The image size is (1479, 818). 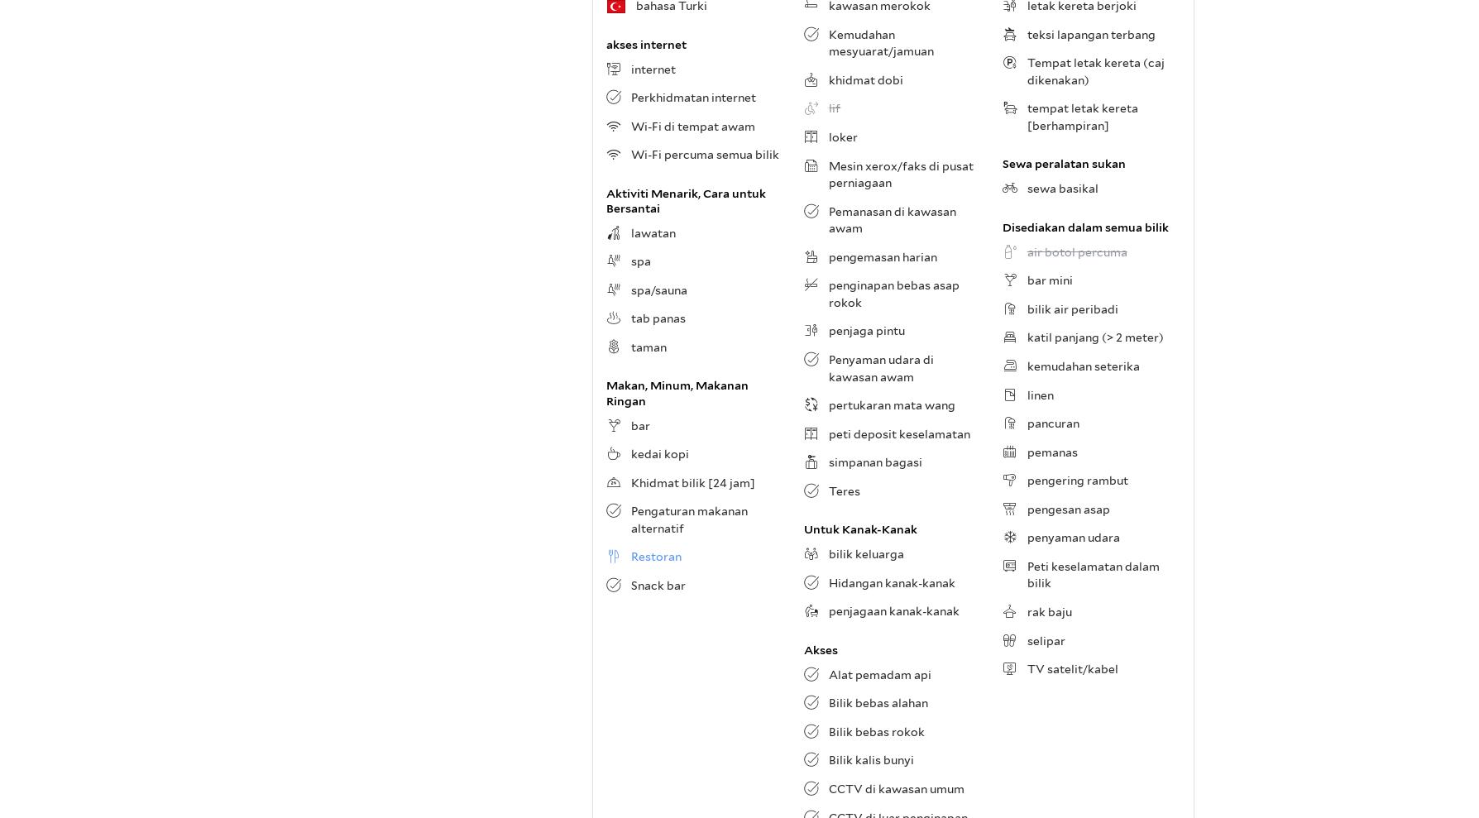 What do you see at coordinates (655, 556) in the screenshot?
I see `'Restoran'` at bounding box center [655, 556].